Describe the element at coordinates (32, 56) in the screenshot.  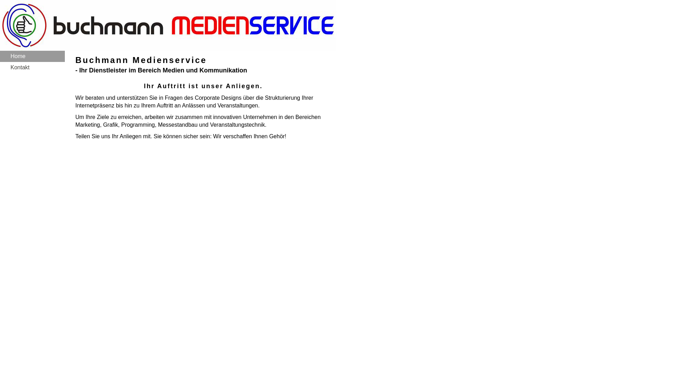
I see `'Home'` at that location.